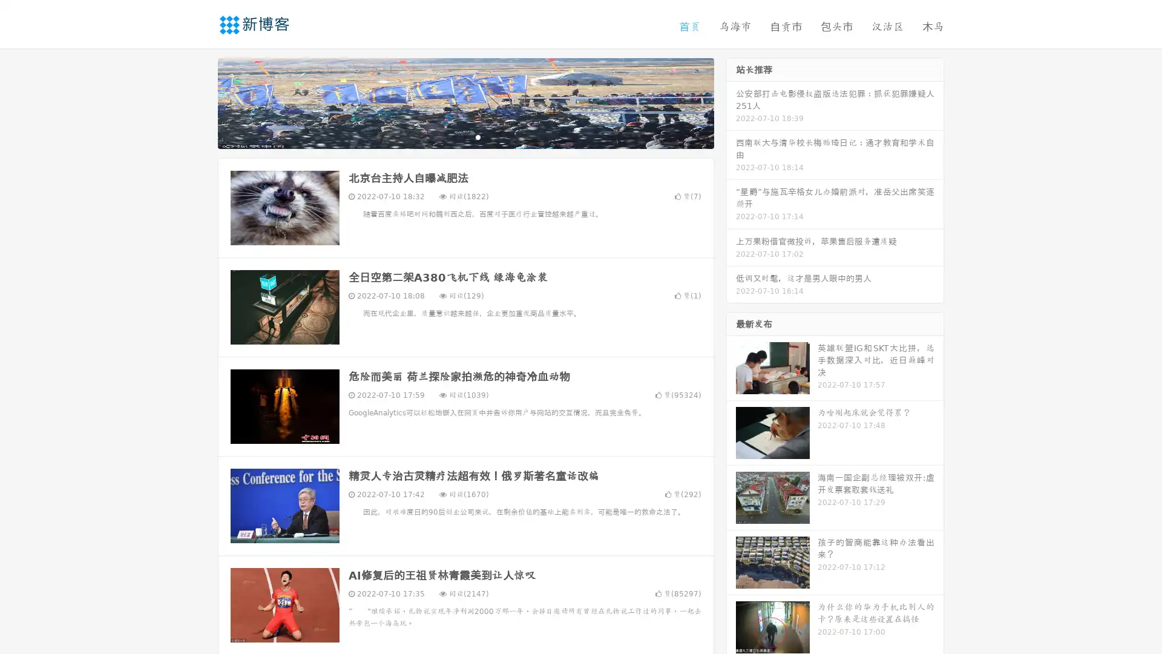 Image resolution: width=1162 pixels, height=654 pixels. What do you see at coordinates (465, 136) in the screenshot?
I see `Go to slide 2` at bounding box center [465, 136].